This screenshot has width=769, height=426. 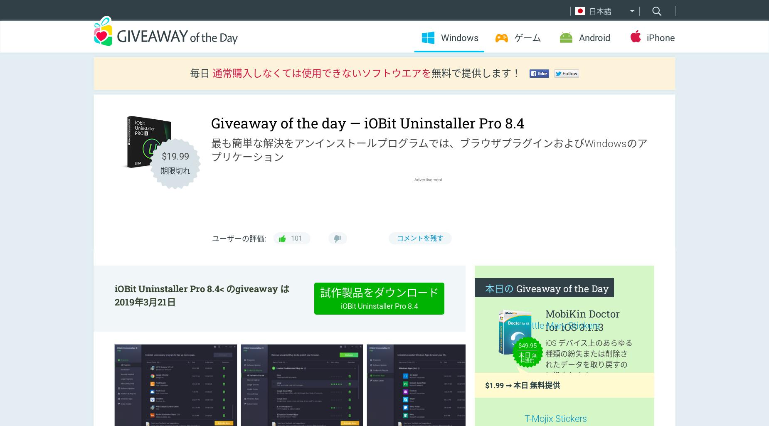 I want to click on 'iOBit Uninstaller Pro 8.4< のgiveaway は 2019年3月21日', so click(x=202, y=295).